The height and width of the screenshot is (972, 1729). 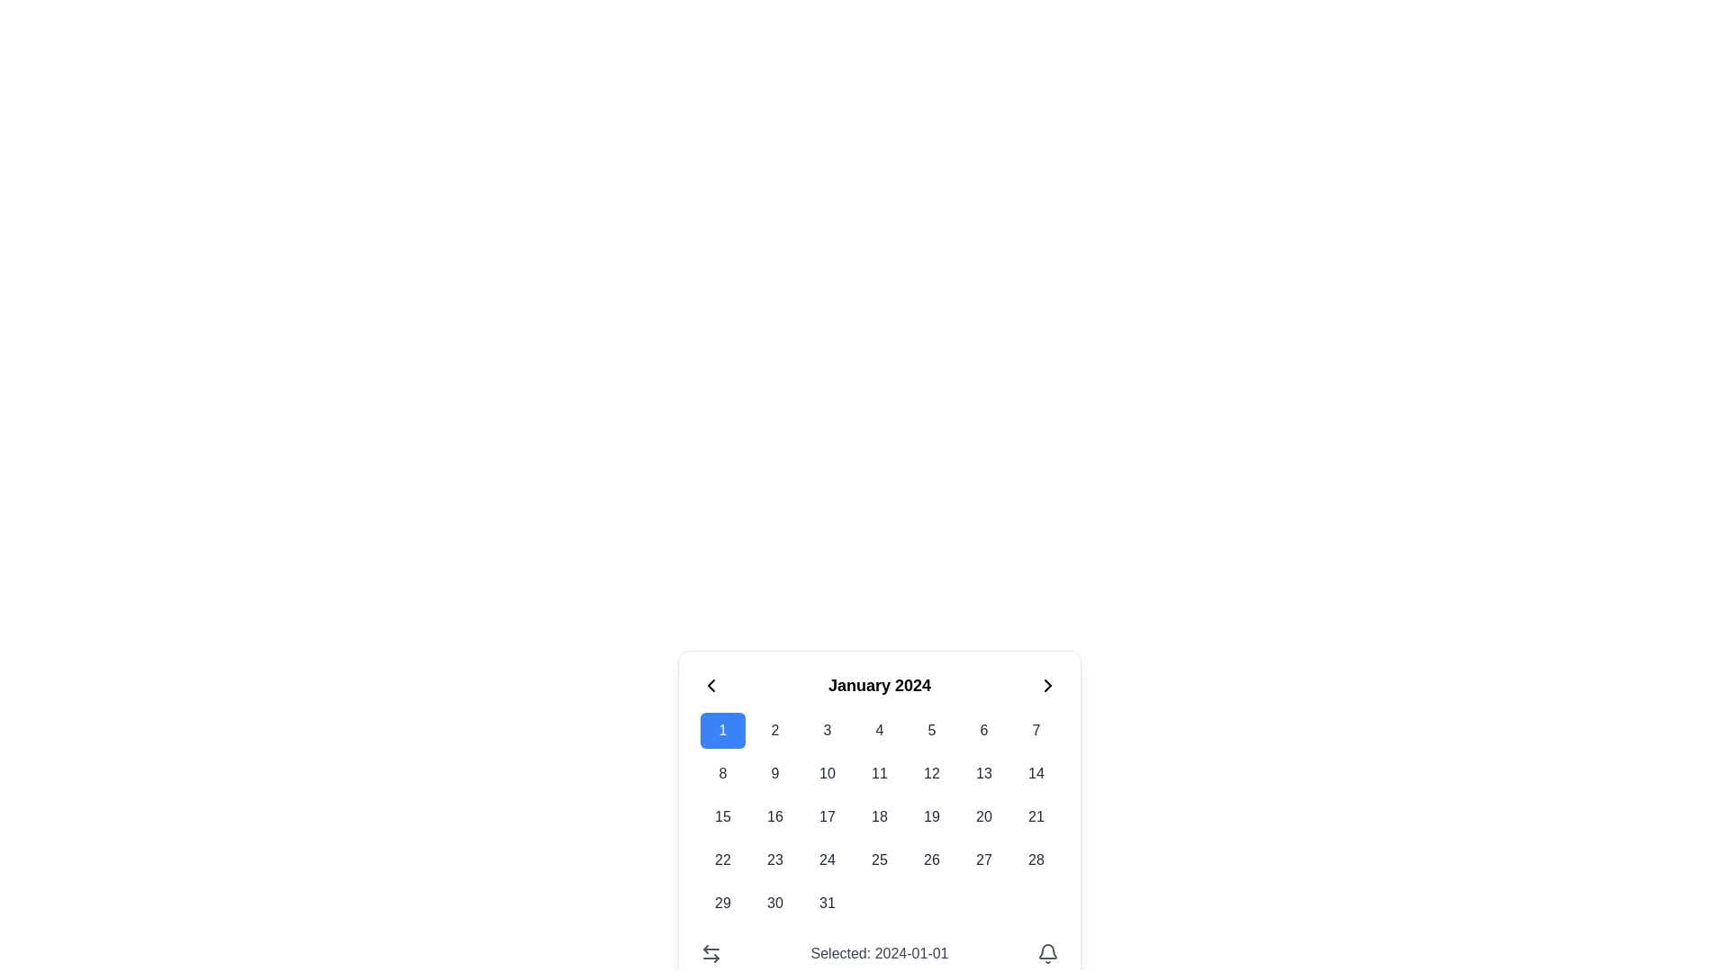 What do you see at coordinates (774, 903) in the screenshot?
I see `the button representing the 30th day in the calendar view` at bounding box center [774, 903].